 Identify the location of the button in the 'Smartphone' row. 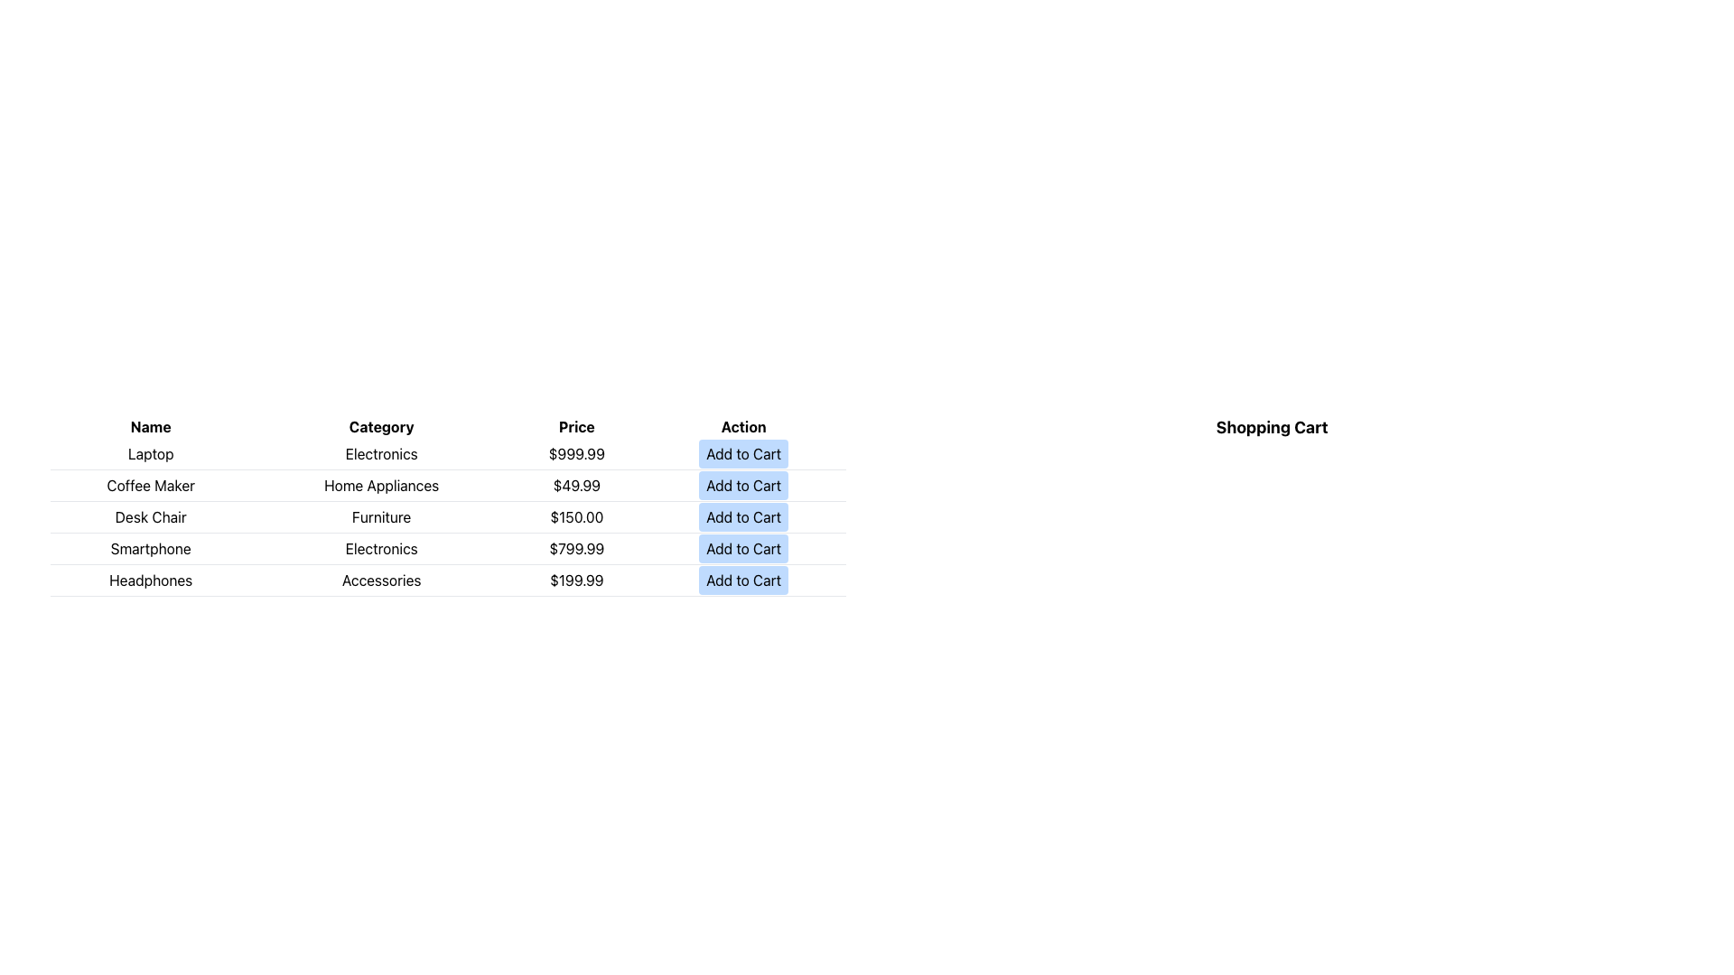
(743, 548).